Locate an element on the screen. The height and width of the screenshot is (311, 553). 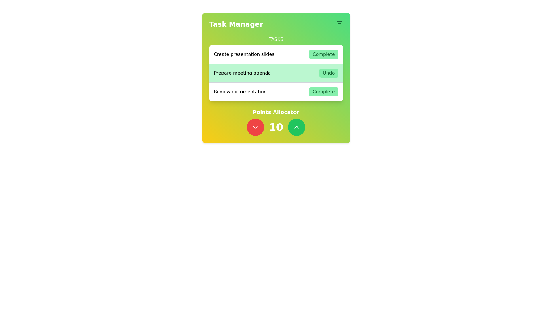
the chevron-down icon located within a circular red button at the bottom-left of the Points Allocator section in the Task Manager interface is located at coordinates (255, 127).